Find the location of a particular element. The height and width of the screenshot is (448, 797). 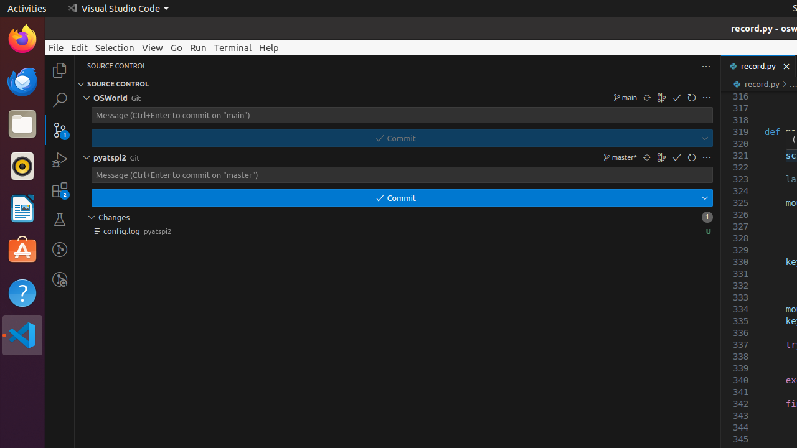

'Run and Debug (Ctrl+Shift+D)' is located at coordinates (59, 159).